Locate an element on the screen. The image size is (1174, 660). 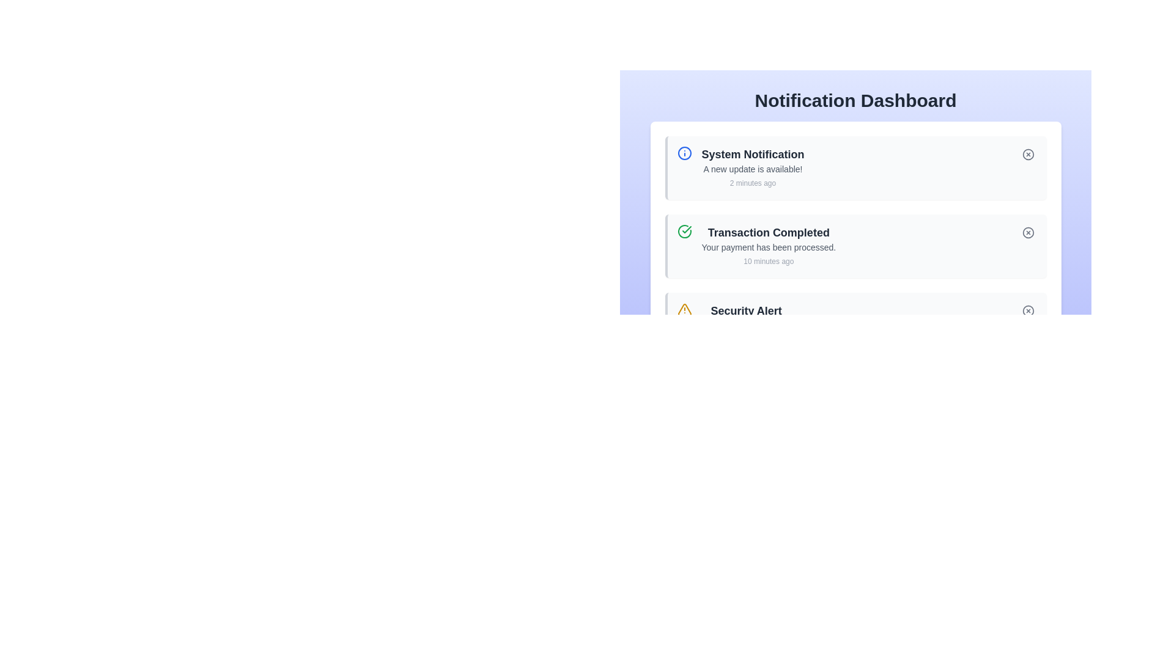
the Text label that serves as the title or status indicator of the second notification card in the 'Notification Dashboard', located directly under the icon on the left is located at coordinates (768, 233).